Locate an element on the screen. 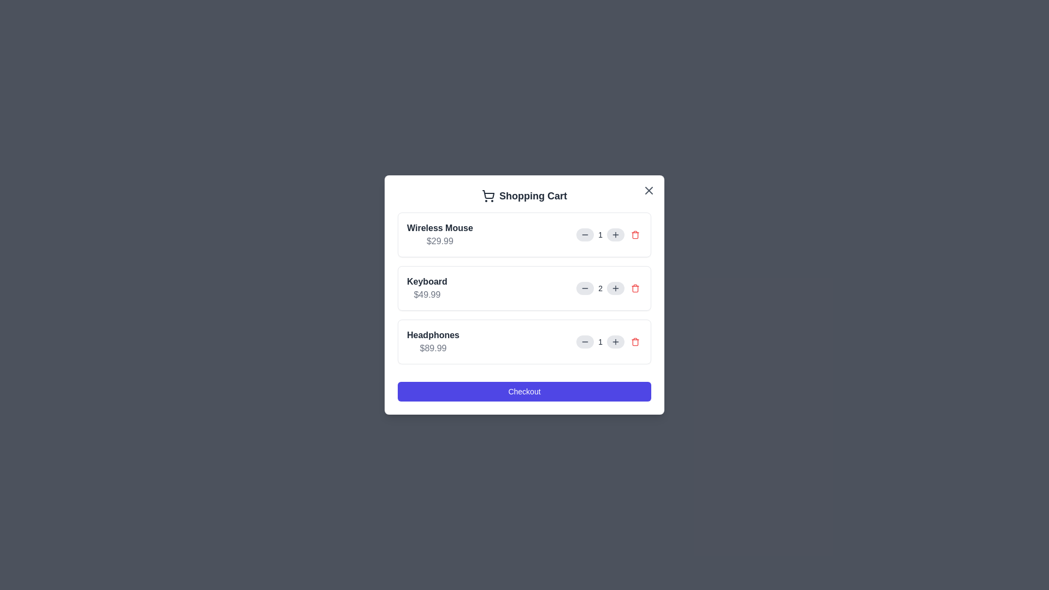  the shopping cart icon located at the top of the modal dialog box, positioned left to the title text 'Shopping Cart' is located at coordinates (488, 194).